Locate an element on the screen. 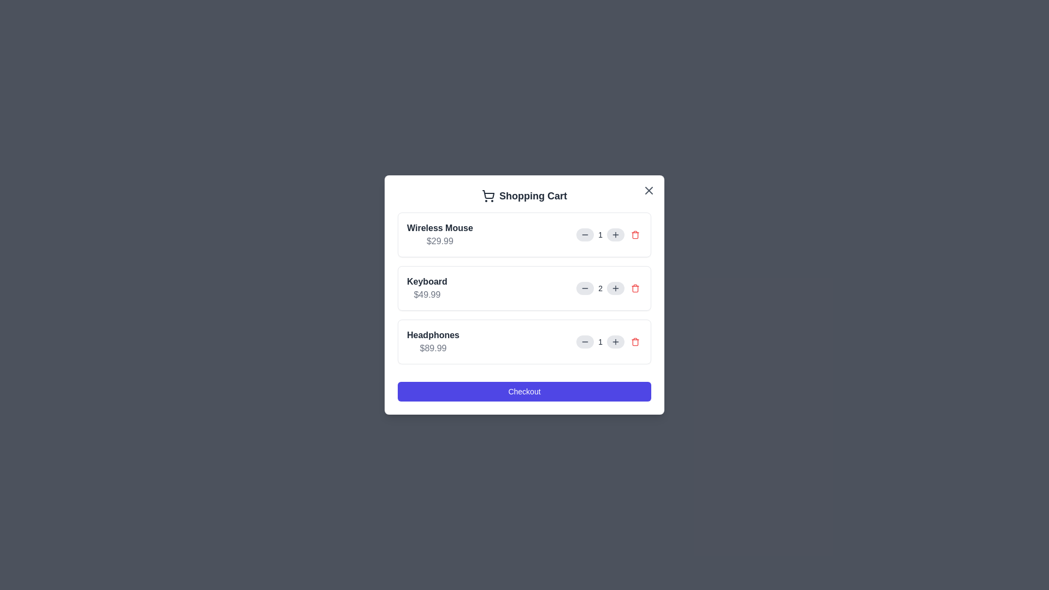  the shopping cart icon located at the top of the modal dialog box, positioned left to the title text 'Shopping Cart' is located at coordinates (488, 194).